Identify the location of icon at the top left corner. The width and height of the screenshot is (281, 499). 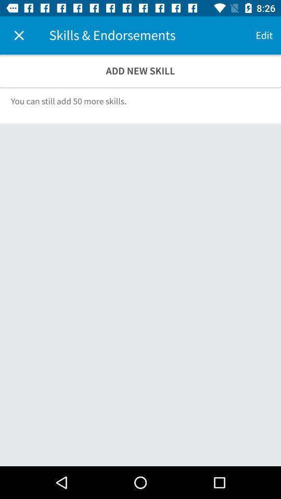
(19, 35).